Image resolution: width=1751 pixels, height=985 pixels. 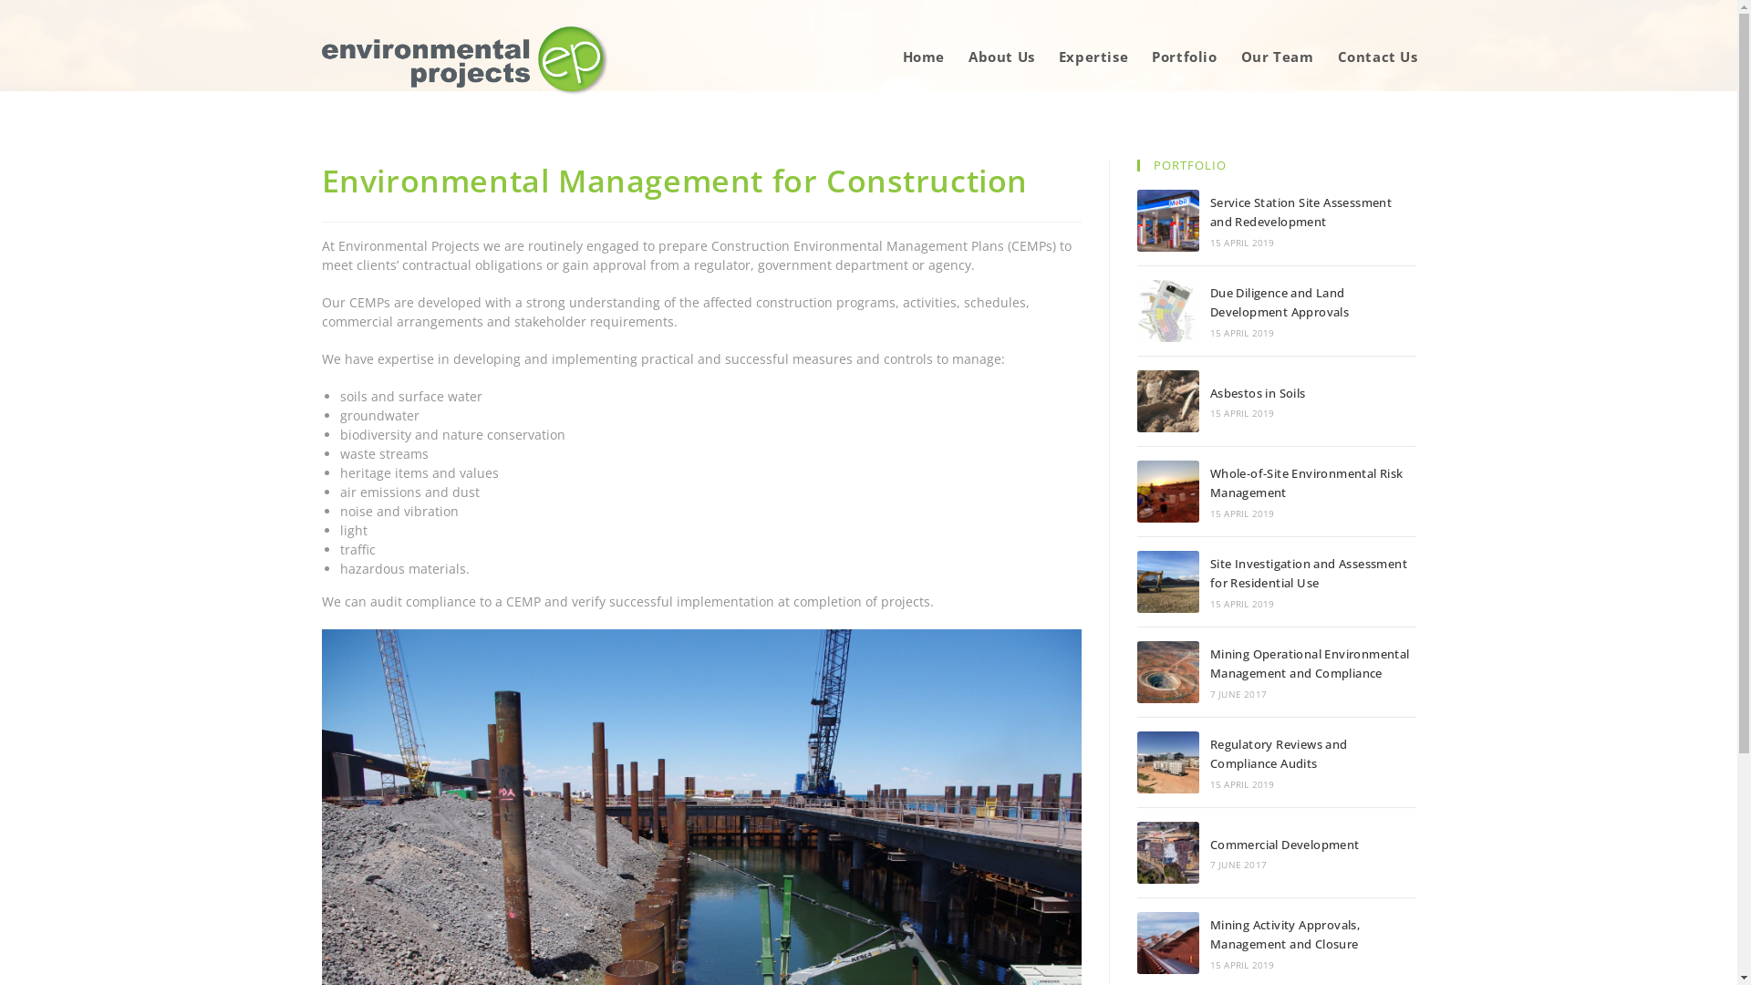 What do you see at coordinates (1278, 301) in the screenshot?
I see `'Due Diligence and Land Development Approvals'` at bounding box center [1278, 301].